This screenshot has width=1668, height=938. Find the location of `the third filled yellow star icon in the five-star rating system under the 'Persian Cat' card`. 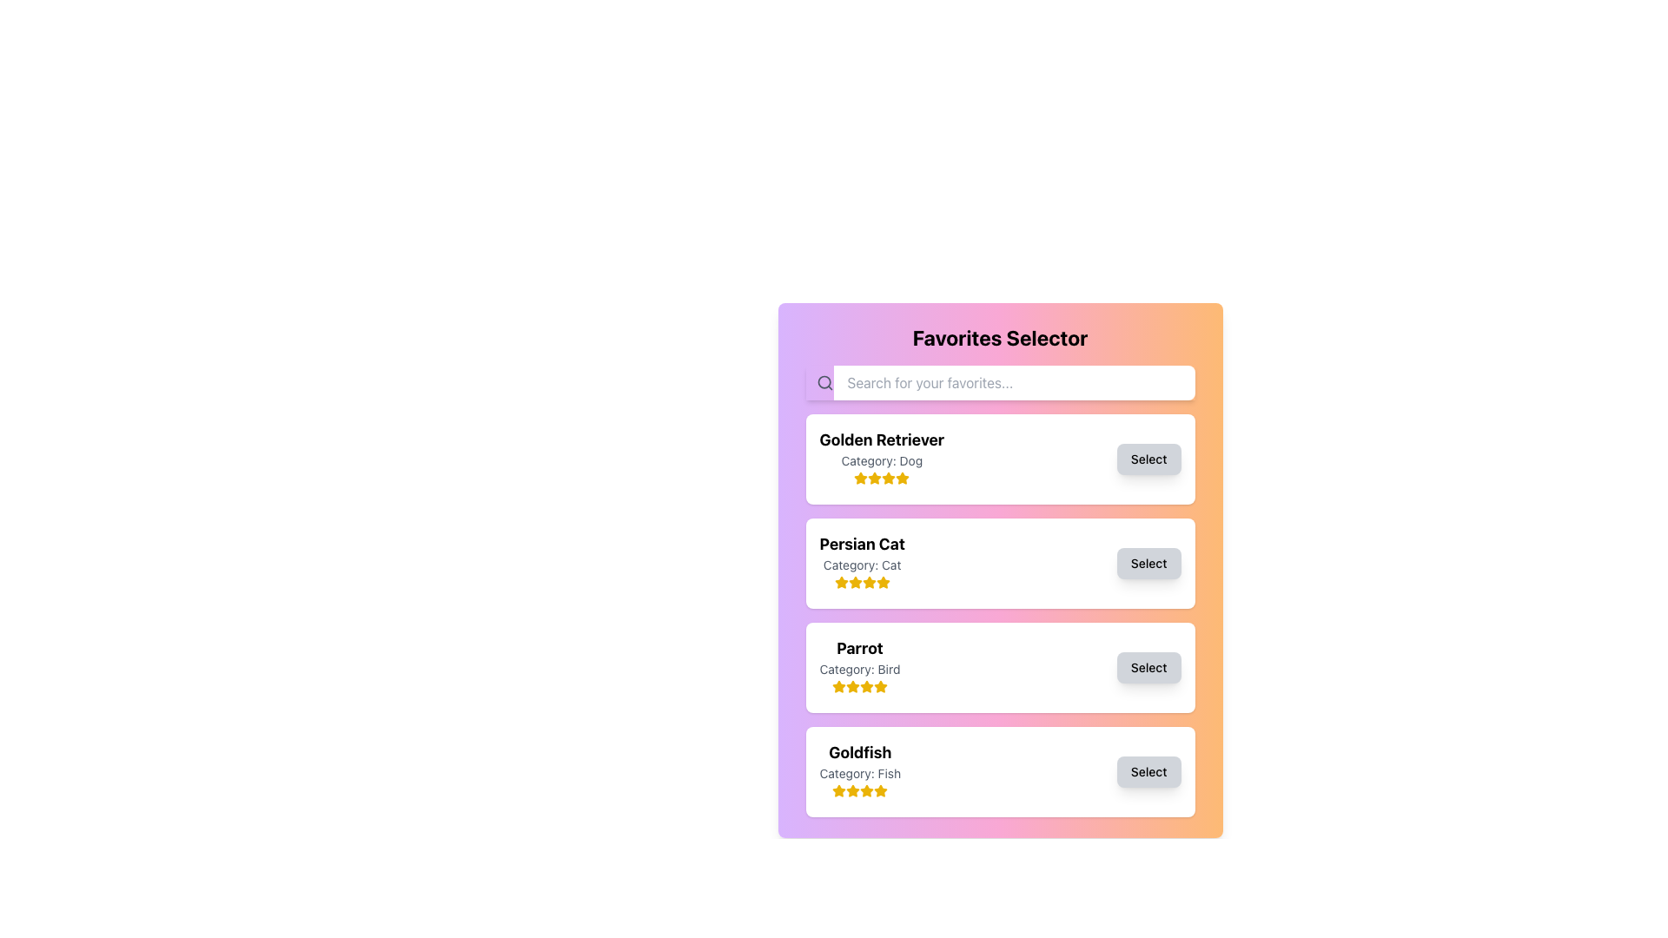

the third filled yellow star icon in the five-star rating system under the 'Persian Cat' card is located at coordinates (862, 583).